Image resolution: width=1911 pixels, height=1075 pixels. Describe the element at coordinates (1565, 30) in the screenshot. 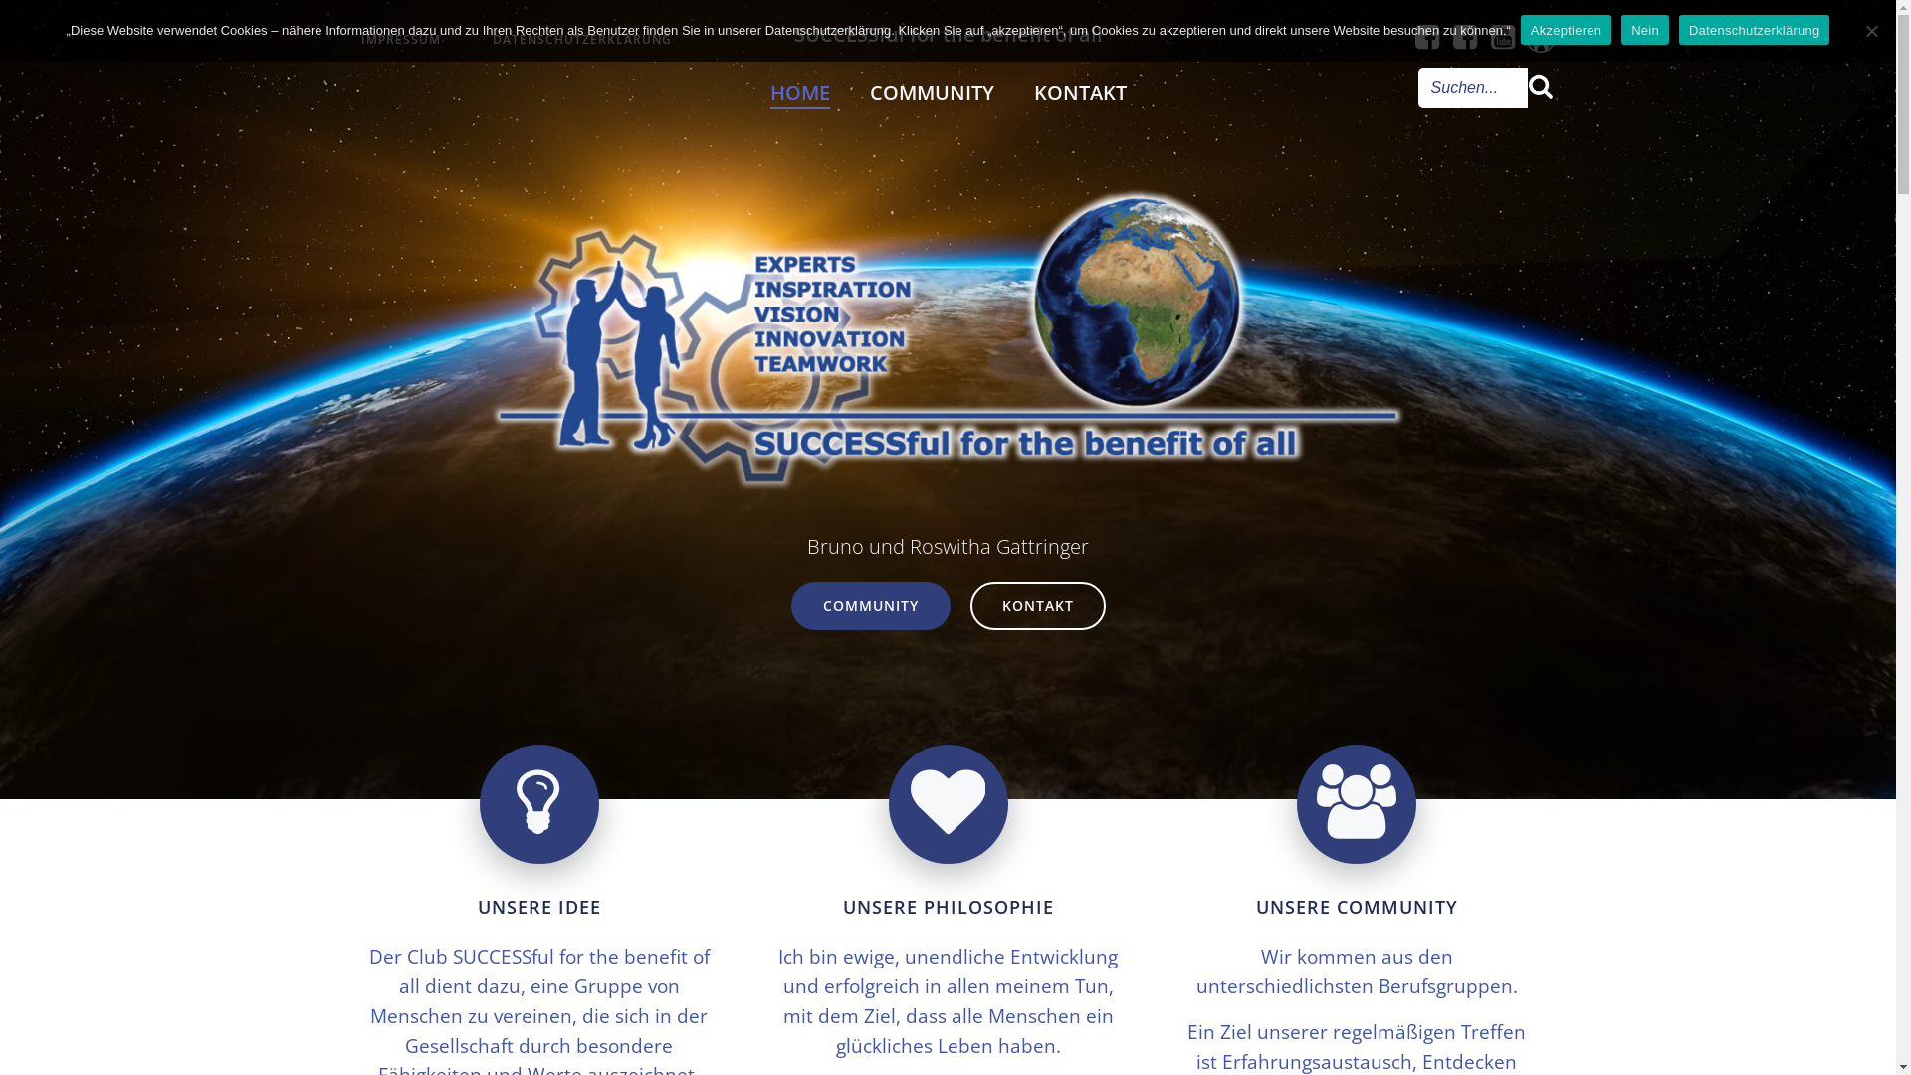

I see `'Akzeptieren'` at that location.